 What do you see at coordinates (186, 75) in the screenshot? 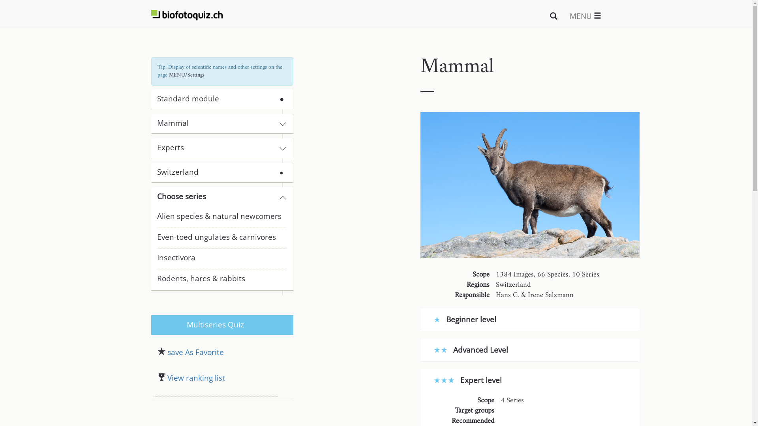
I see `'MENU/Settings'` at bounding box center [186, 75].